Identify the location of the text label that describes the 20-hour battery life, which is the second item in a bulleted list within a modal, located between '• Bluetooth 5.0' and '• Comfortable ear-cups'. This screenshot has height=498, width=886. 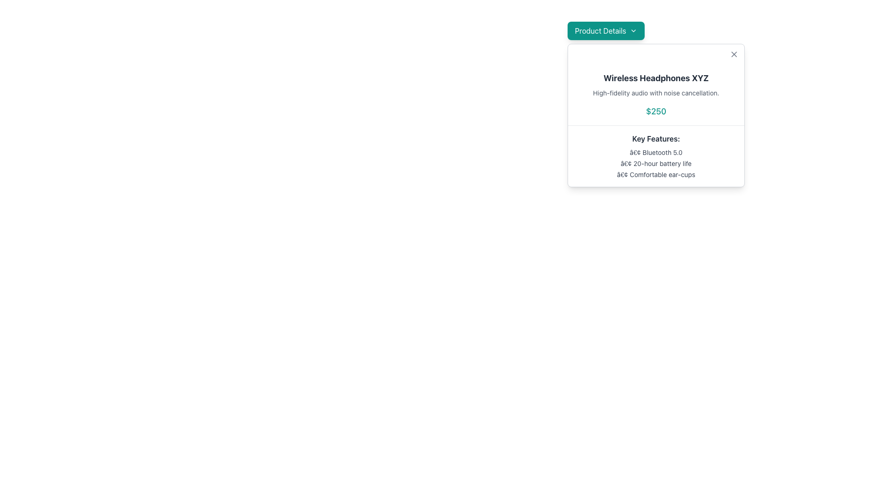
(655, 163).